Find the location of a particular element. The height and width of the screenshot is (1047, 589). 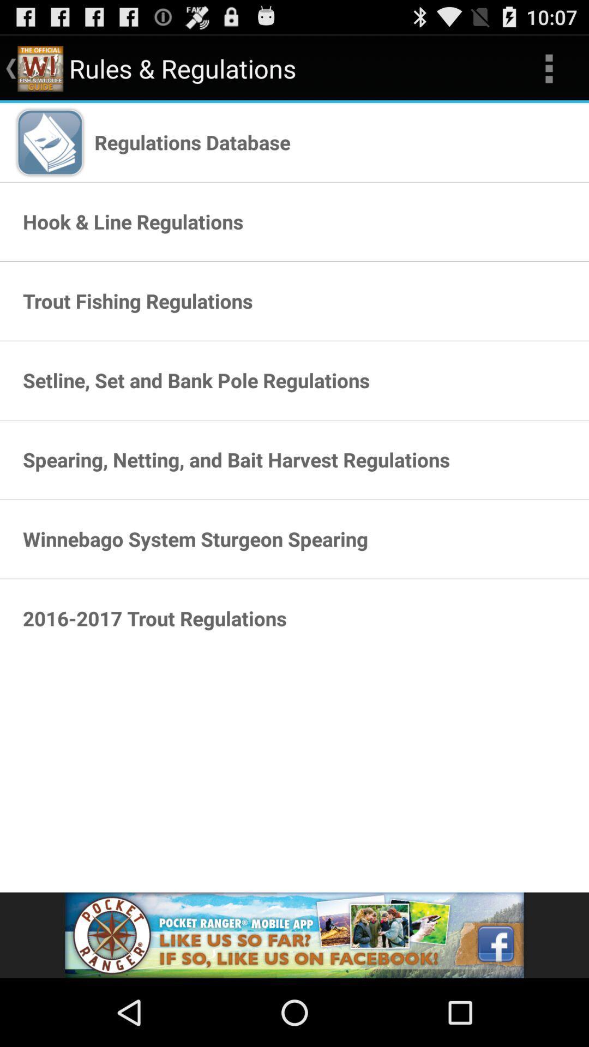

advertisement pannel is located at coordinates (294, 935).